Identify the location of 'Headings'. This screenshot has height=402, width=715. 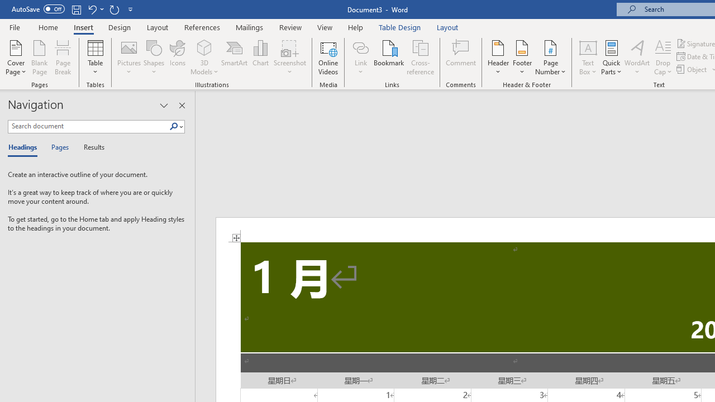
(25, 147).